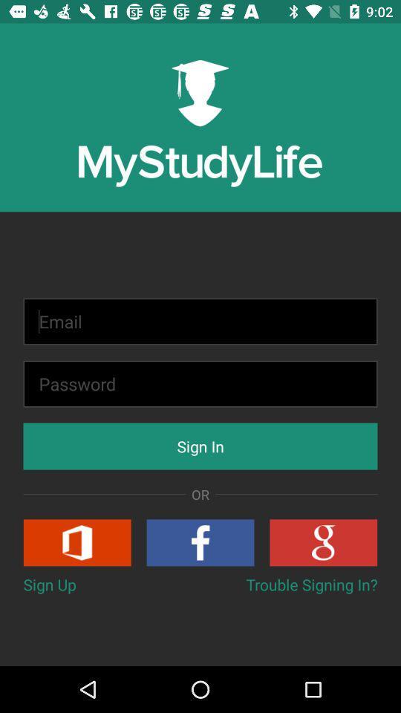  I want to click on signup with google, so click(322, 541).